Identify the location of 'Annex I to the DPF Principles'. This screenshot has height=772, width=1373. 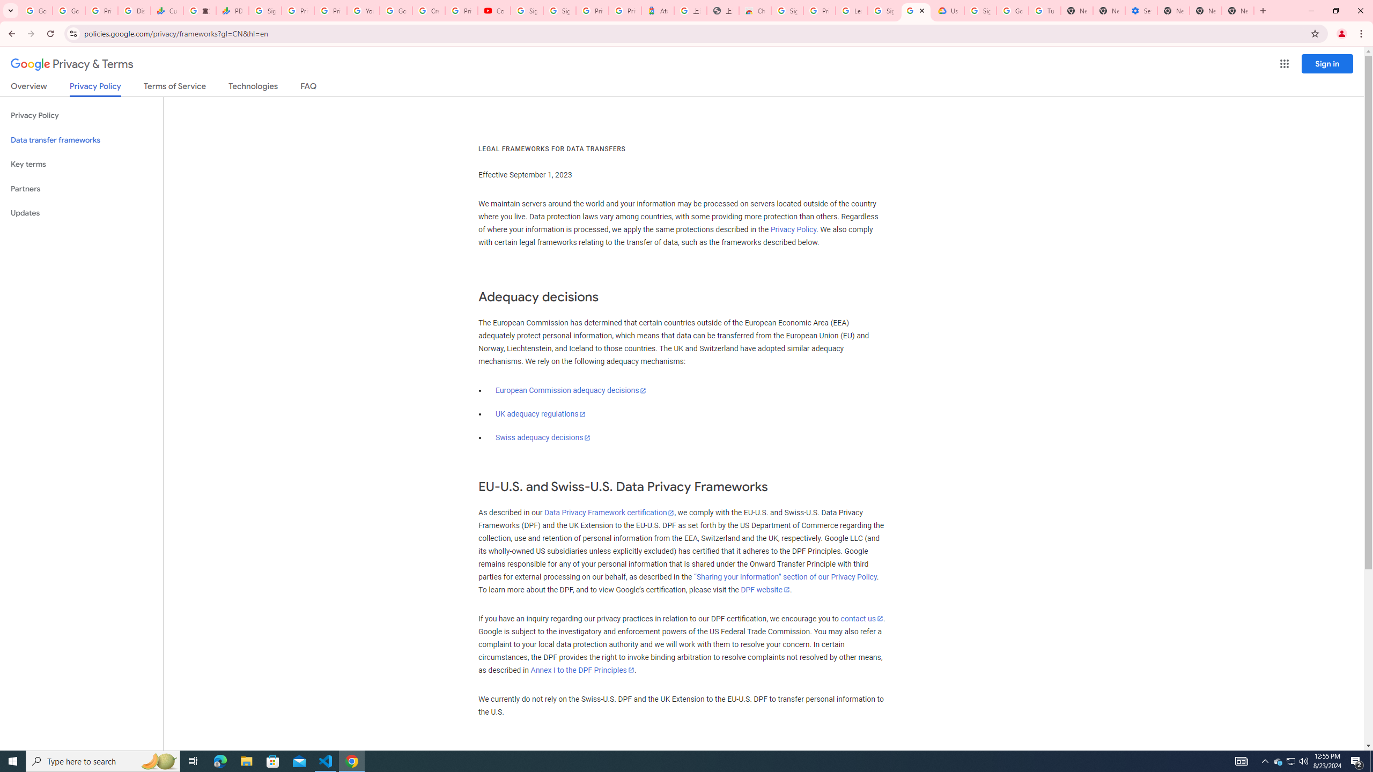
(581, 669).